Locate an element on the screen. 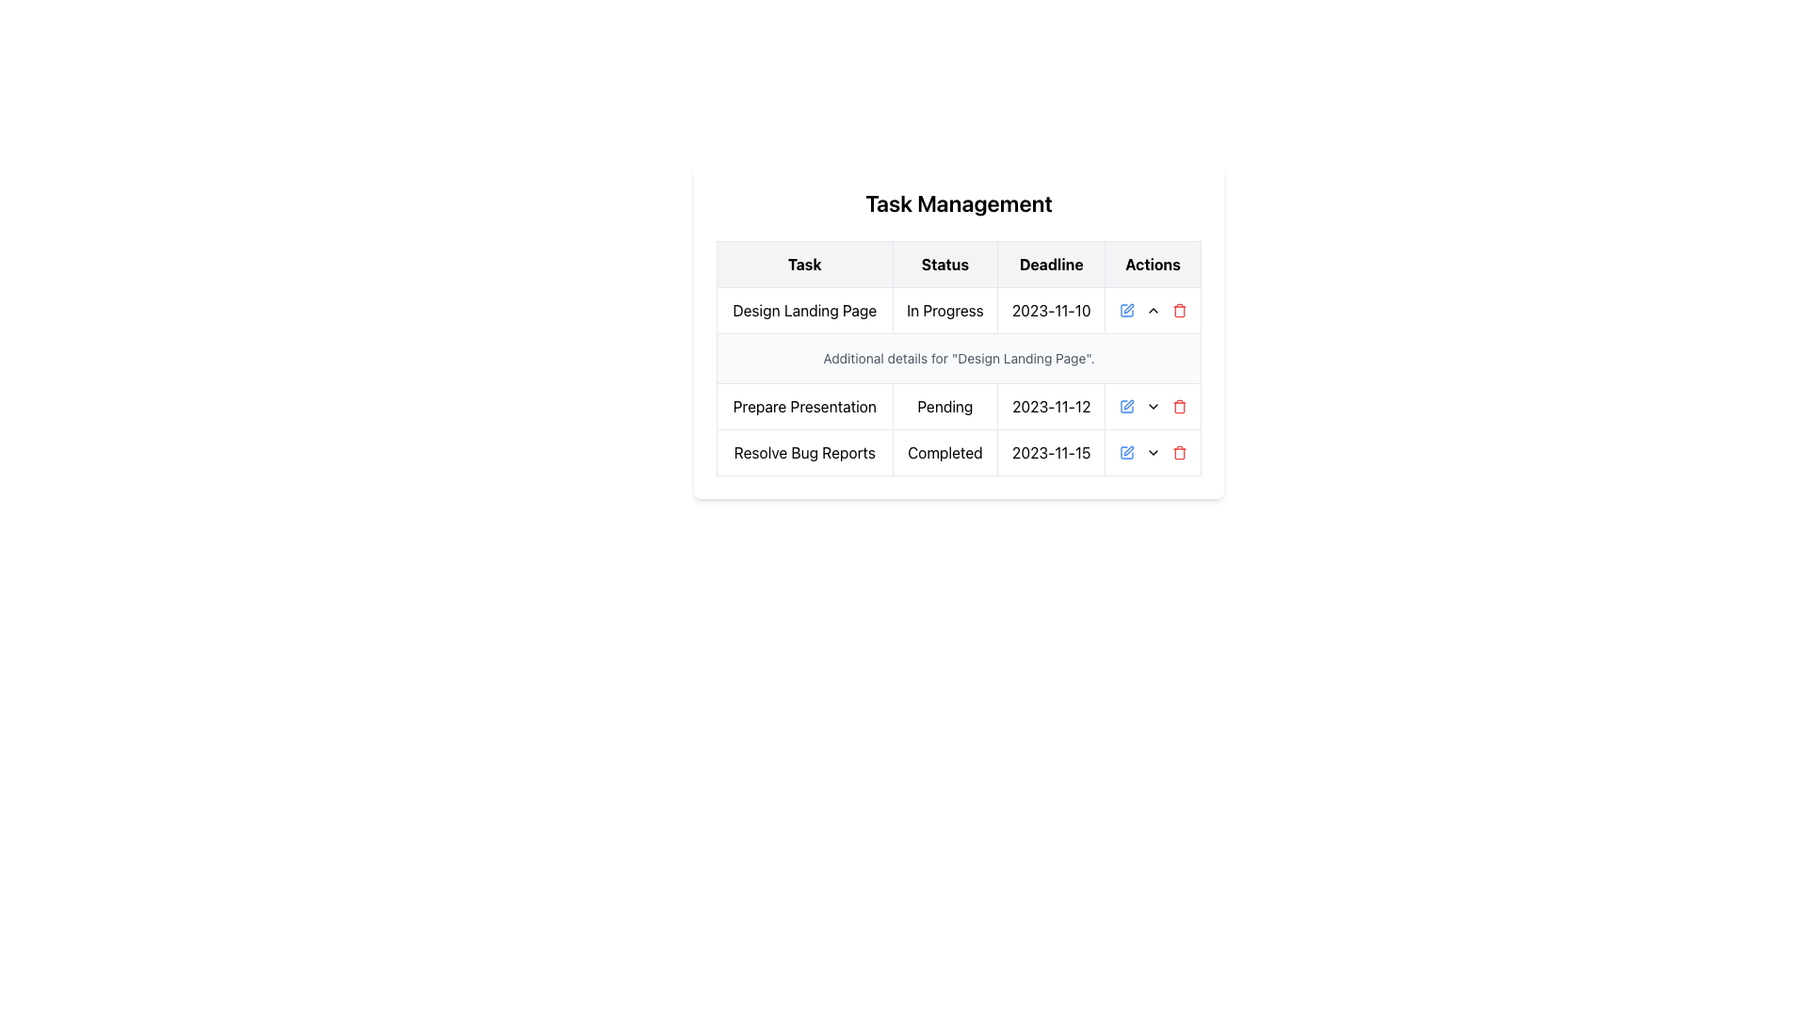  the text display box that shows the date '2023-11-10', which is styled with centered alignment and is located in the third column of the first row under the 'Deadline' header is located at coordinates (1050, 310).